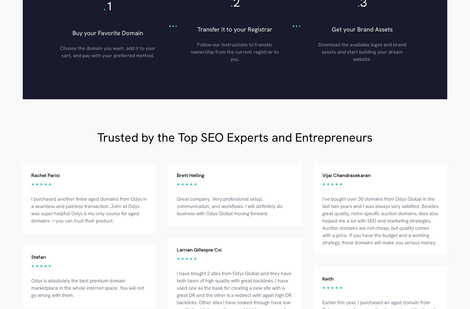 This screenshot has height=309, width=470. Describe the element at coordinates (230, 206) in the screenshot. I see `'Great company. Very professional setup, communication, and workflows. I will definitely do business with Odys Global moving forward.'` at that location.